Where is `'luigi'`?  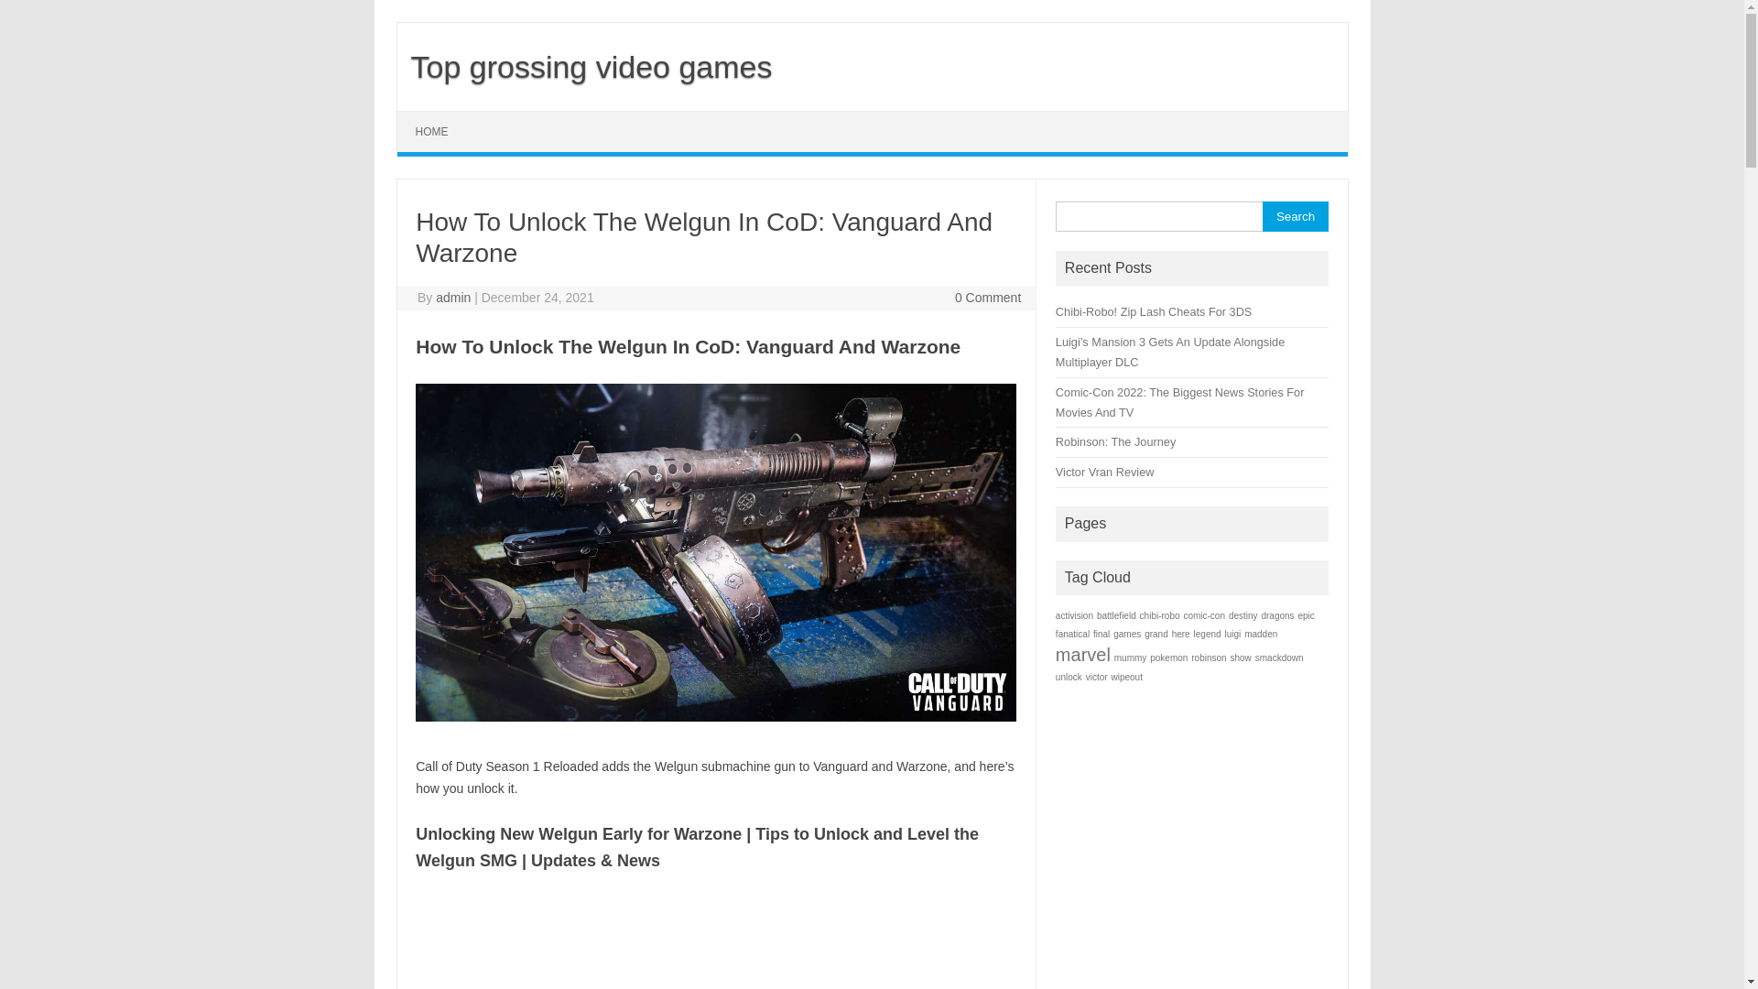
'luigi' is located at coordinates (1224, 633).